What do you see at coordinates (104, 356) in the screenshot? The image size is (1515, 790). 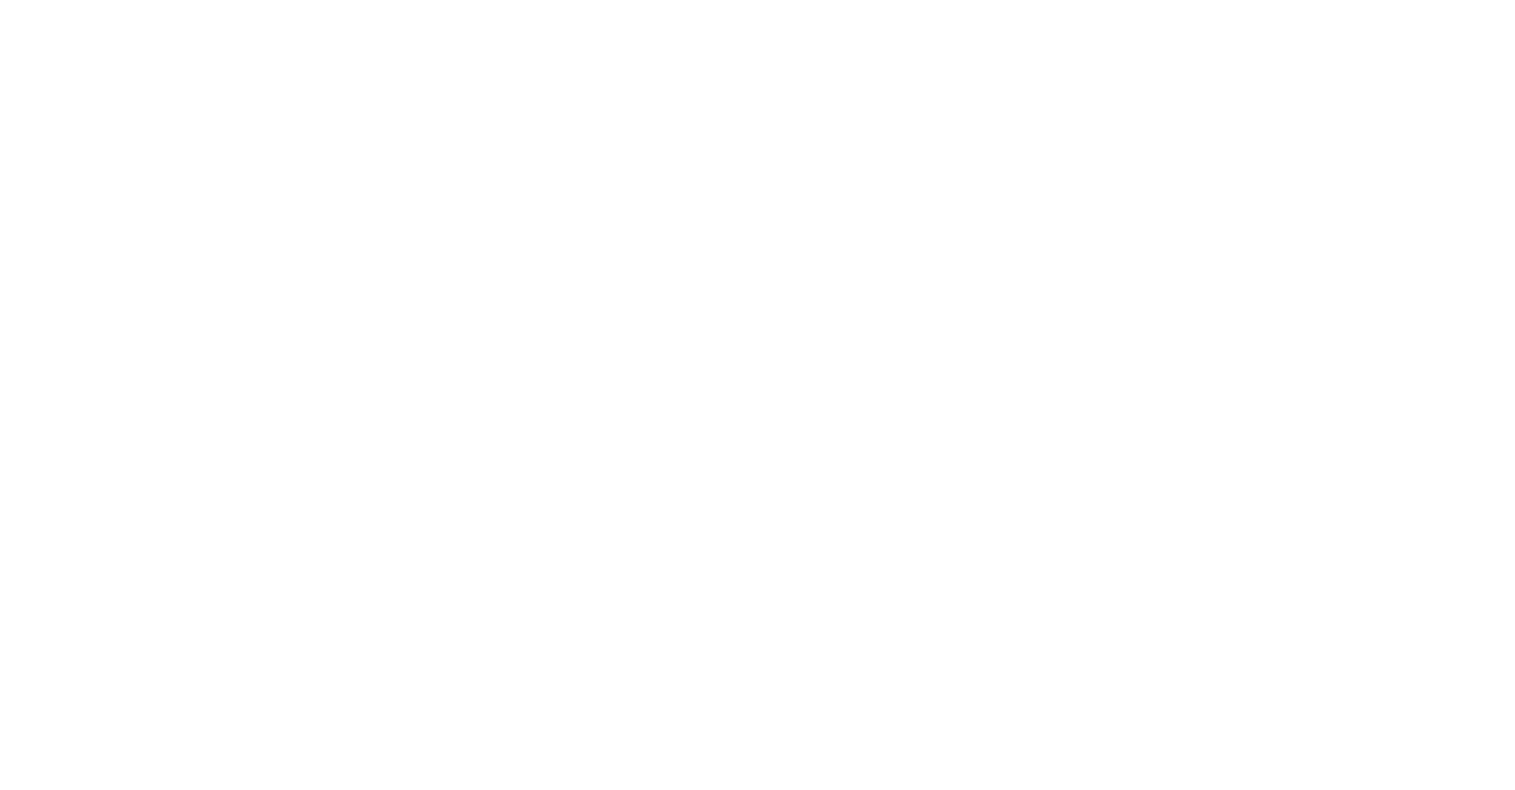 I see `'Sächsischer Innovationspreis'` at bounding box center [104, 356].